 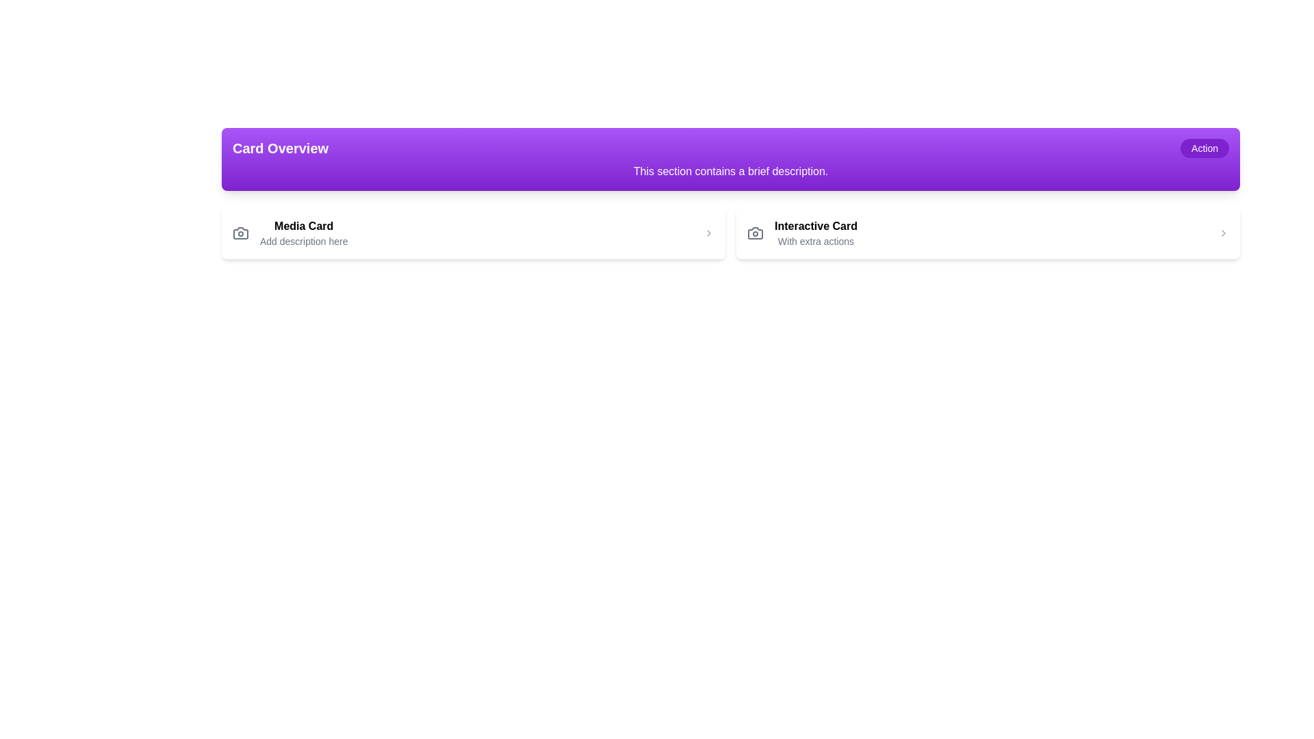 I want to click on text label 'Card Overview' which is bold and large-sized, positioned on the left side of a purple banner at the top of the interface, so click(x=280, y=148).